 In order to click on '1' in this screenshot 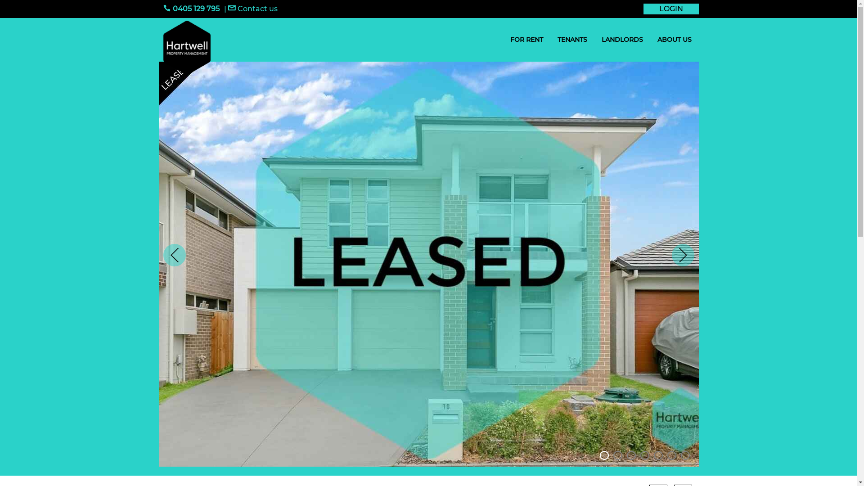, I will do `click(604, 455)`.